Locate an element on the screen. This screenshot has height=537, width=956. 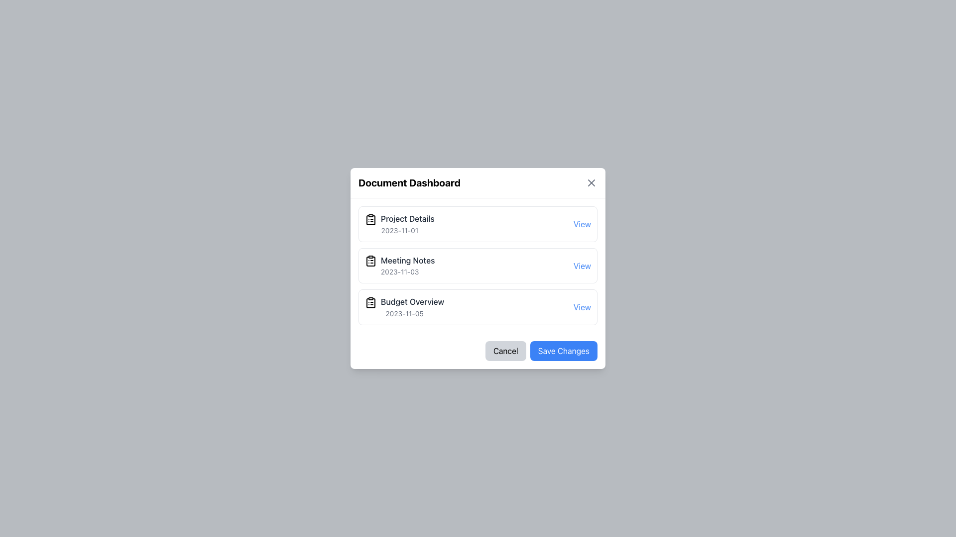
the 'Save Changes' button, which is styled with a blue background and white text, located in the footer section of a modal dialog is located at coordinates (564, 350).